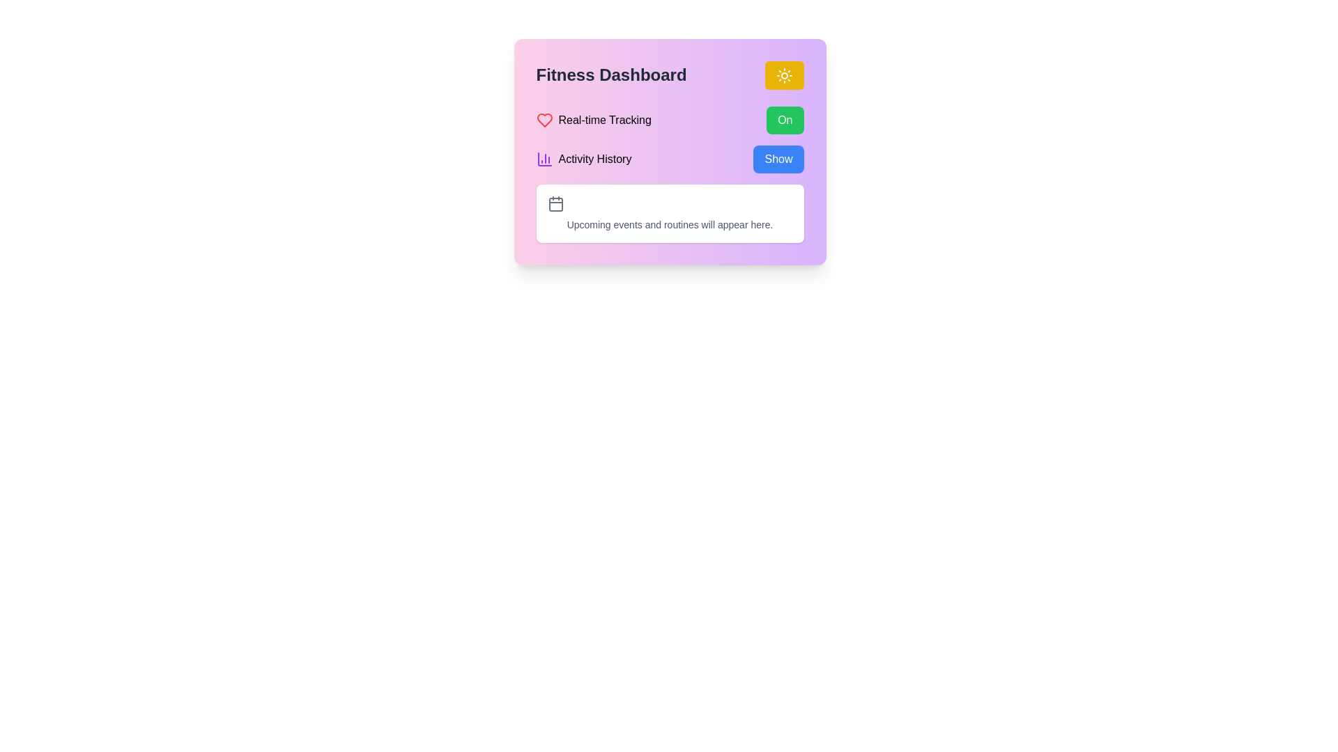  What do you see at coordinates (595, 158) in the screenshot?
I see `the text label reading 'Activity History' which is positioned below the 'Real-time Tracking' label and above the calendar widget, accompanied by a bar chart icon` at bounding box center [595, 158].